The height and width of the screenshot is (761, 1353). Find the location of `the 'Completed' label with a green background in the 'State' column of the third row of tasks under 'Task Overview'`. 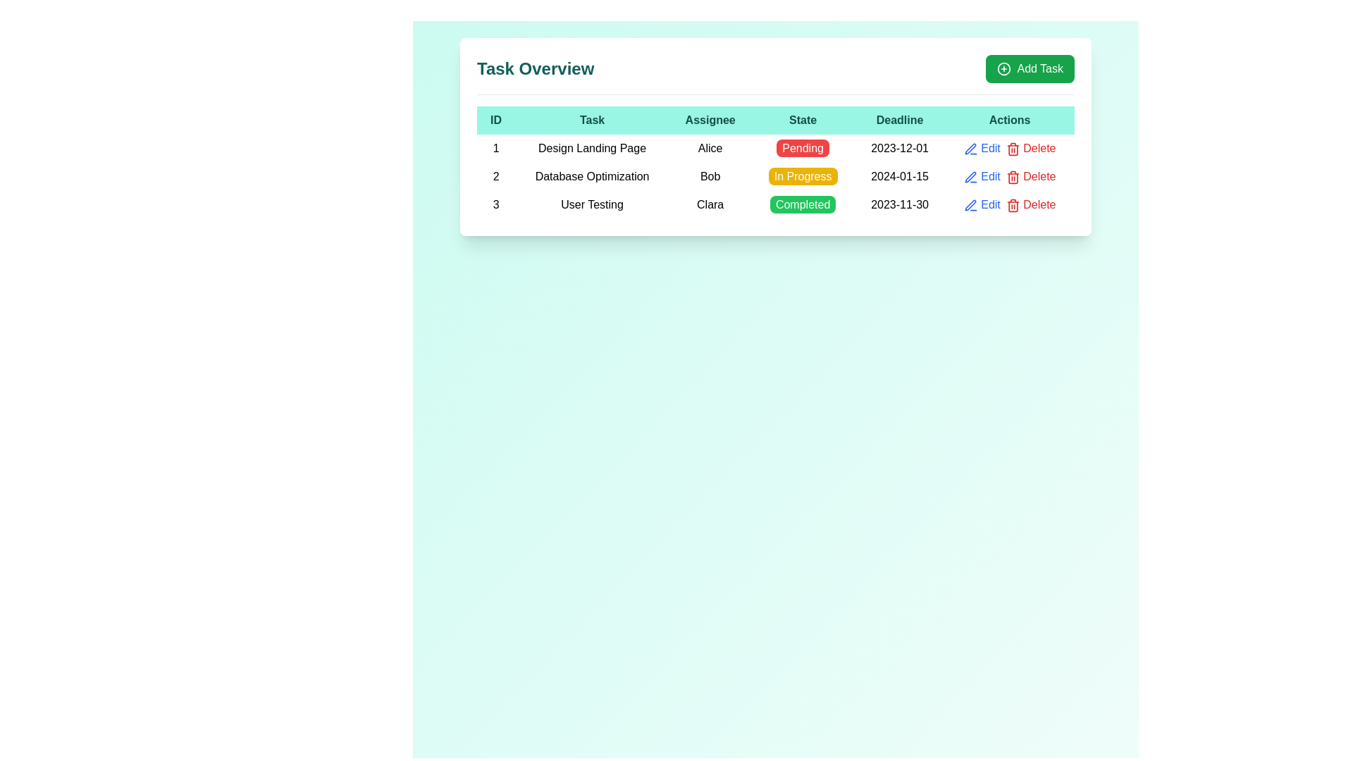

the 'Completed' label with a green background in the 'State' column of the third row of tasks under 'Task Overview' is located at coordinates (803, 204).